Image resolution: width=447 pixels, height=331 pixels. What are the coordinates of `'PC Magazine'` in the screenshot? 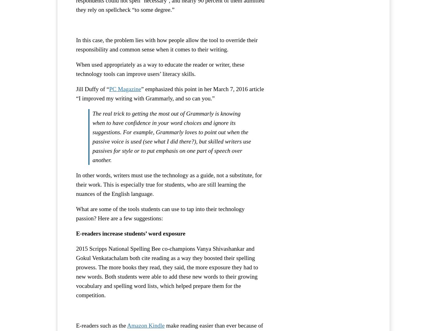 It's located at (124, 88).